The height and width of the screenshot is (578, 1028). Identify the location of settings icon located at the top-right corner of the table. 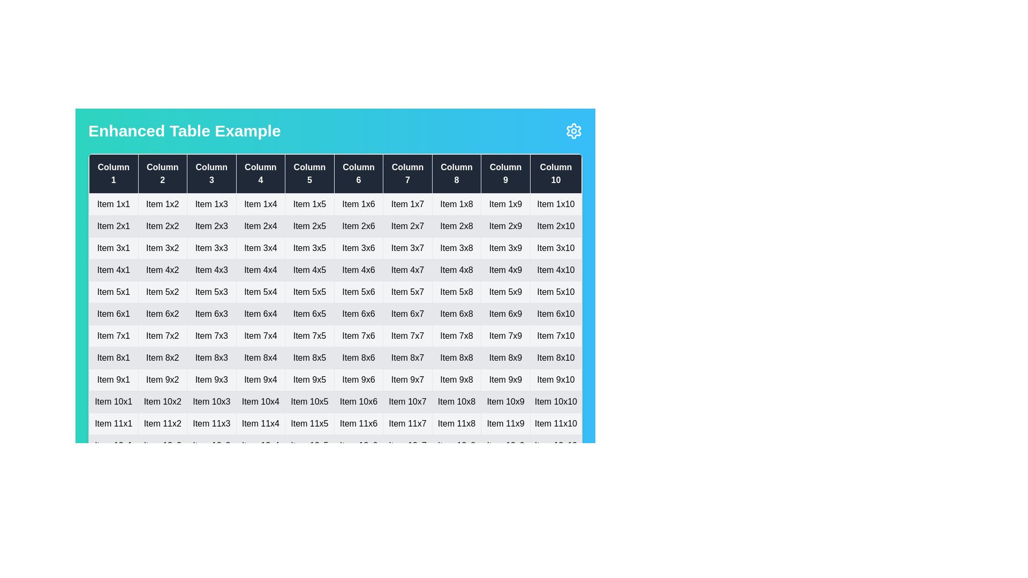
(573, 131).